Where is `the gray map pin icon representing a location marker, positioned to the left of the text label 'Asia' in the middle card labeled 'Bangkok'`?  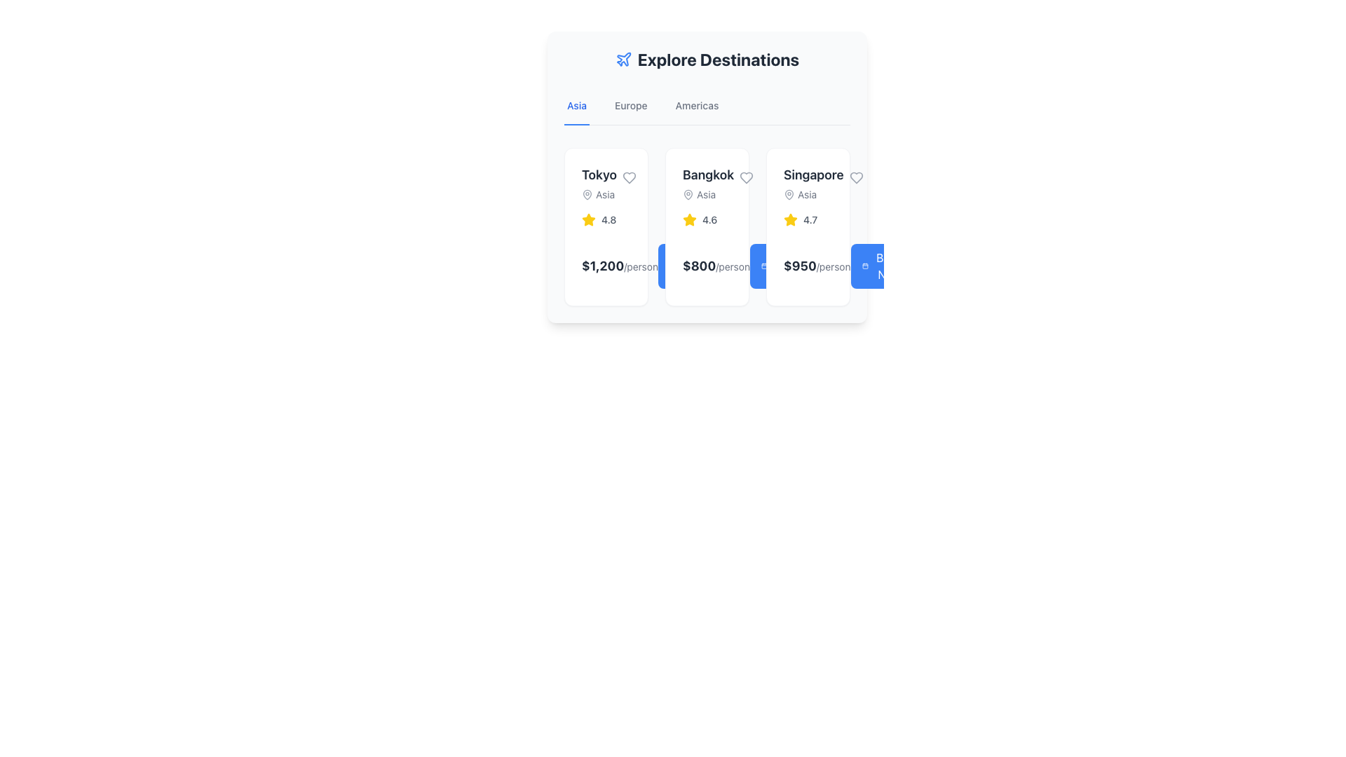 the gray map pin icon representing a location marker, positioned to the left of the text label 'Asia' in the middle card labeled 'Bangkok' is located at coordinates (688, 194).